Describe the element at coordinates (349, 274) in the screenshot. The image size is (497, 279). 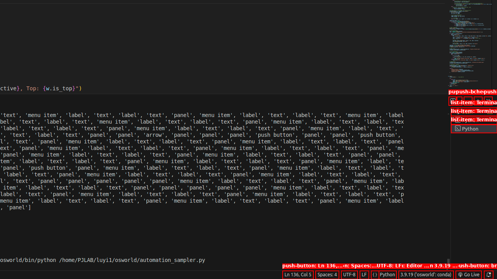
I see `'UTF-8'` at that location.